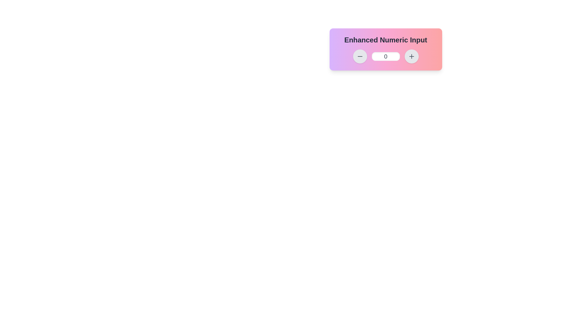 This screenshot has height=316, width=563. Describe the element at coordinates (411, 56) in the screenshot. I see `the circular button with a gray background and a plus icon, located to the right of the numeric input field` at that location.